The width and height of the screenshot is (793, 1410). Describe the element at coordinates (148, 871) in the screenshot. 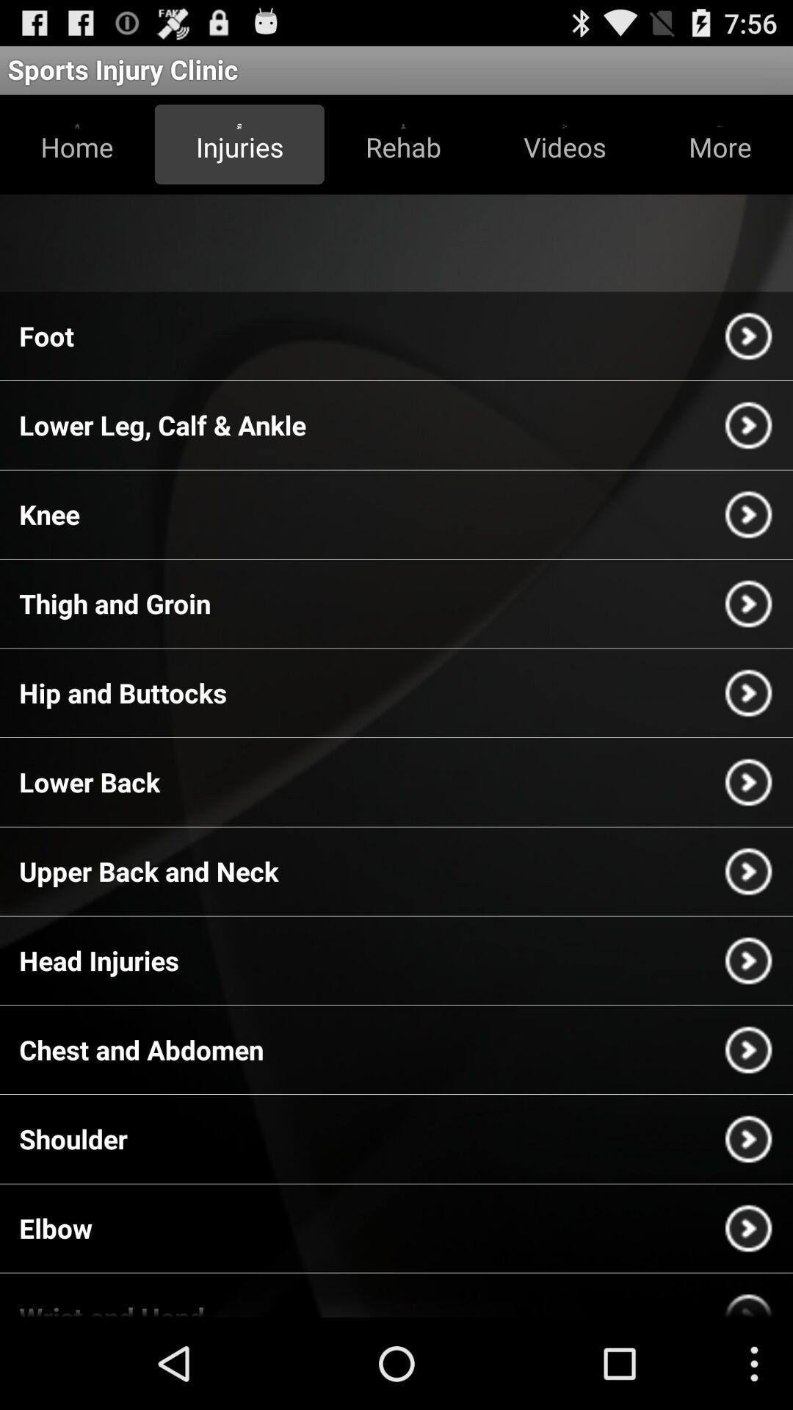

I see `the upper back and app` at that location.